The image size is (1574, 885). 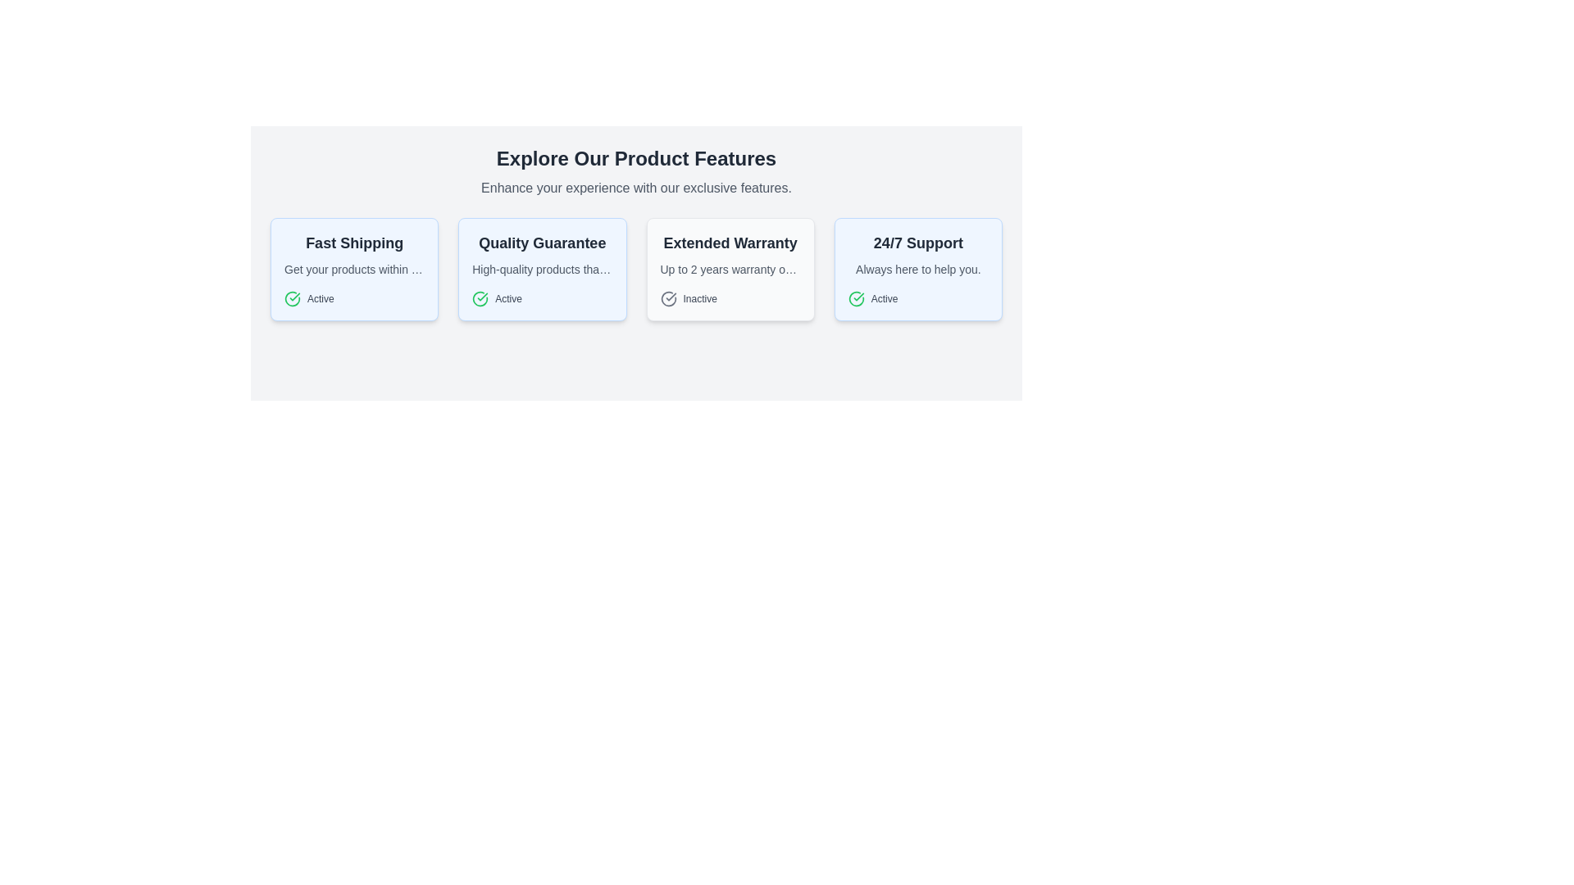 What do you see at coordinates (353, 268) in the screenshot?
I see `the 'Fast Shipping' informational card located at the top-left corner of the grid layout, which features a light blue background, a bold title, and an active green checkmark icon` at bounding box center [353, 268].